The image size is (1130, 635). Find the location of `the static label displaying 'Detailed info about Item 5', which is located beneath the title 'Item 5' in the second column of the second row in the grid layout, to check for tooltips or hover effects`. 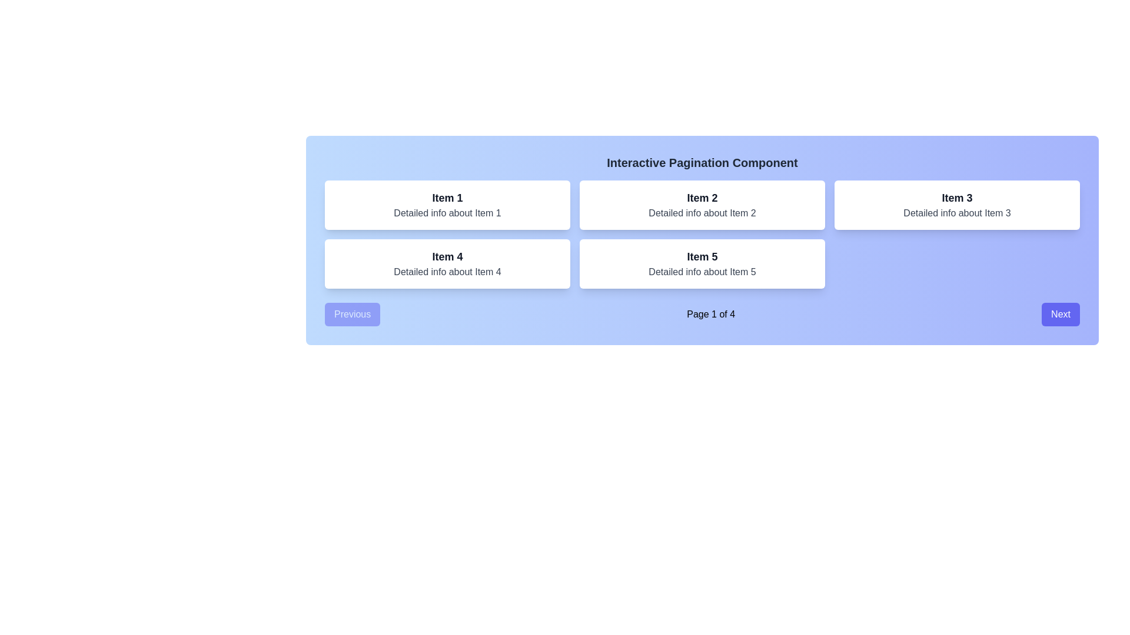

the static label displaying 'Detailed info about Item 5', which is located beneath the title 'Item 5' in the second column of the second row in the grid layout, to check for tooltips or hover effects is located at coordinates (702, 272).